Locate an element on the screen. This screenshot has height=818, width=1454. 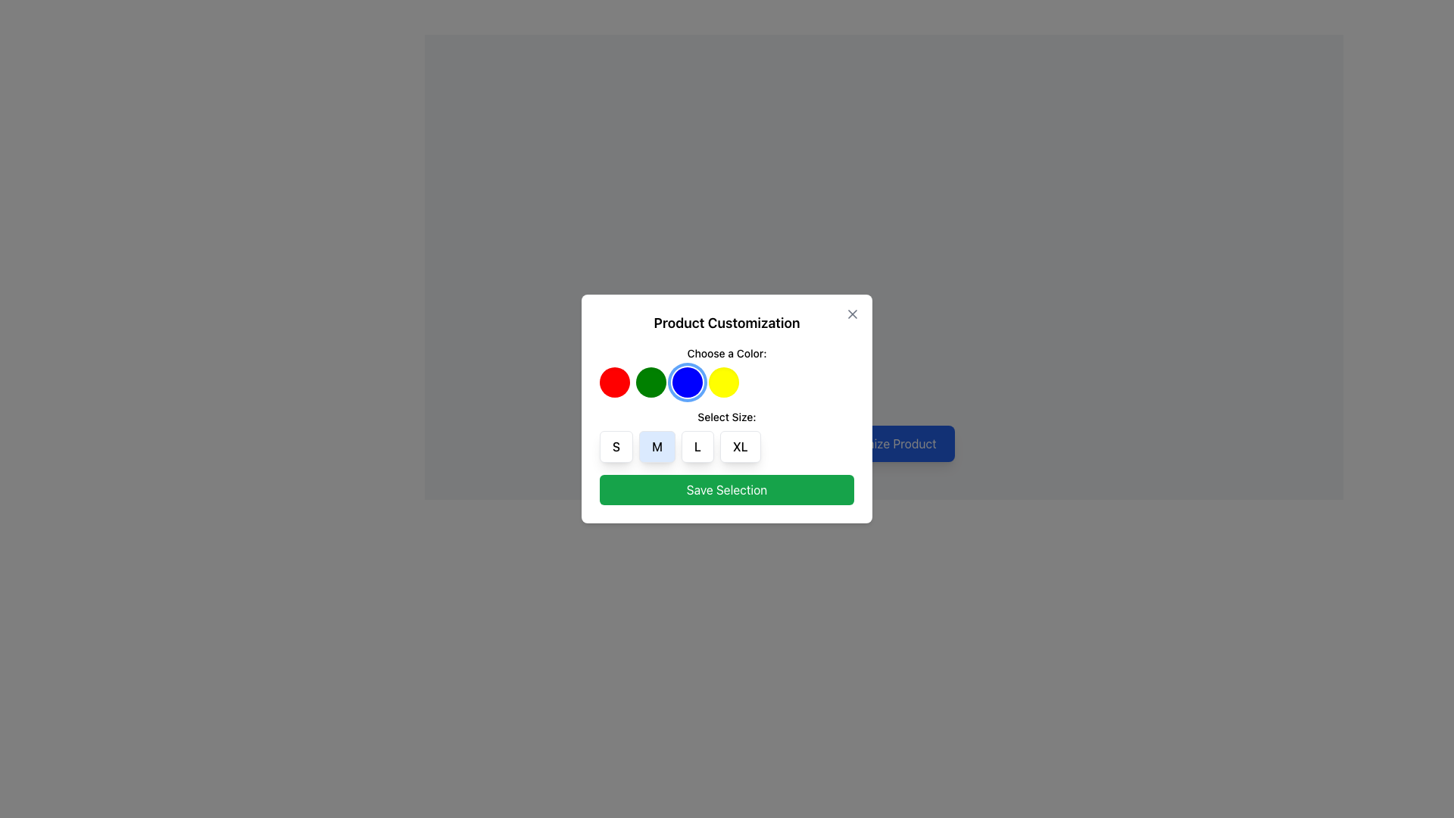
the button labeled 'L' within the 'Select Size' group of buttons in the 'Product Customization' dialog box is located at coordinates (727, 446).